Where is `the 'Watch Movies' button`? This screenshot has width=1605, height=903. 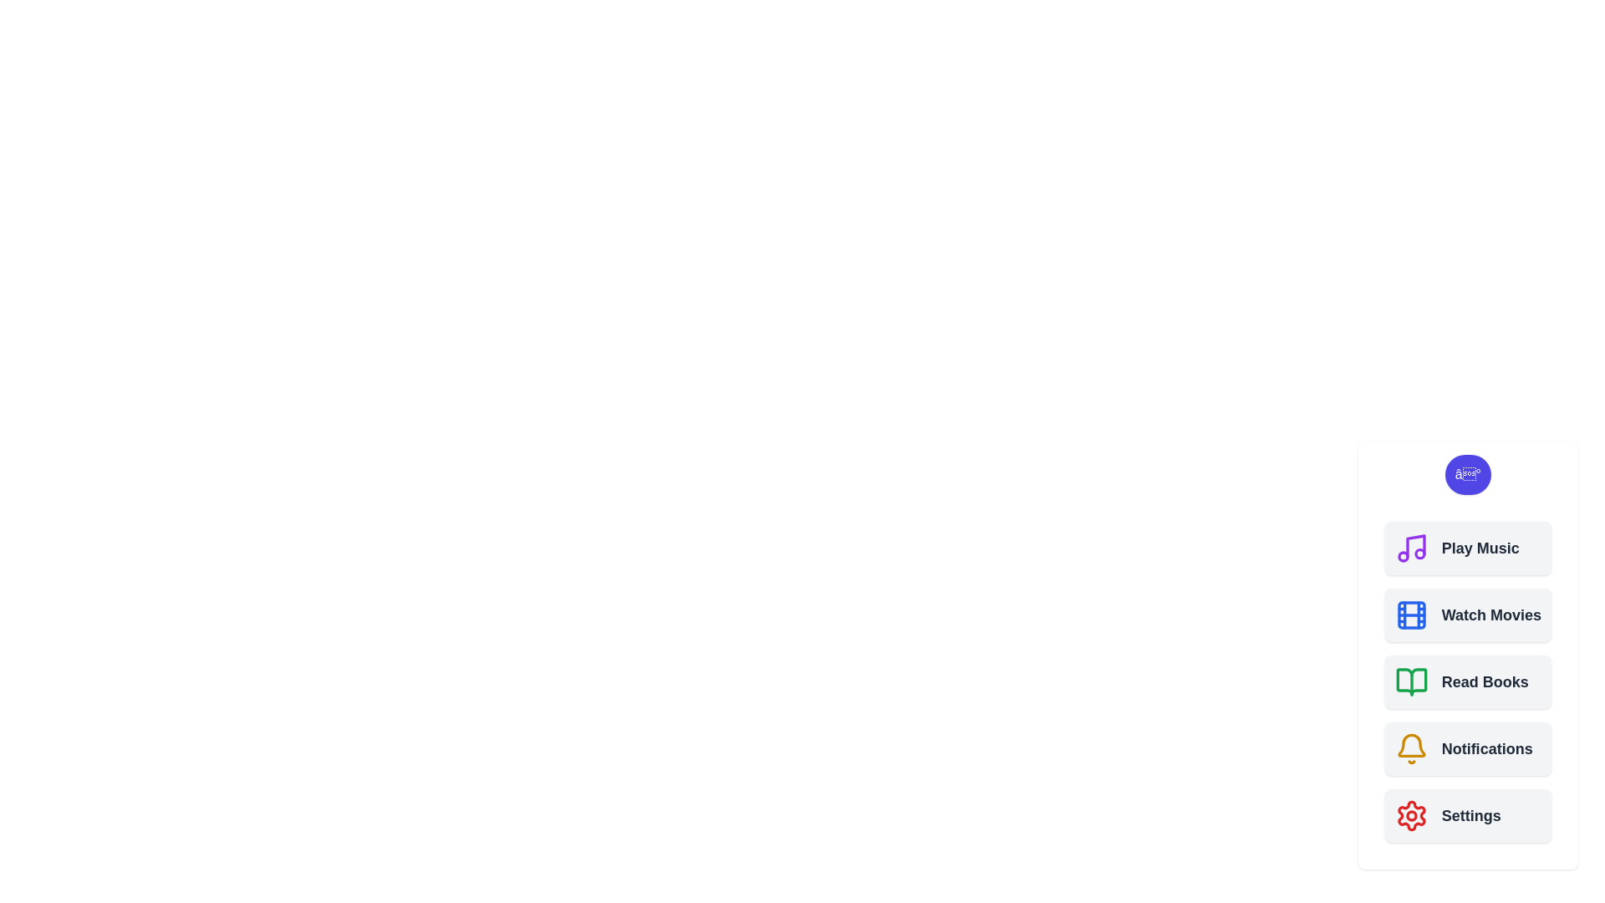 the 'Watch Movies' button is located at coordinates (1467, 615).